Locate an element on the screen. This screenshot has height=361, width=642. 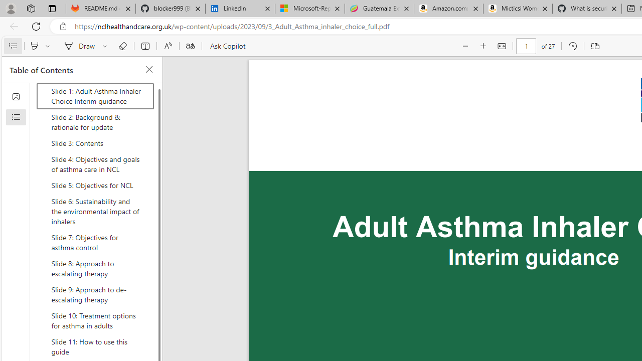
'Rotate (Ctrl+])' is located at coordinates (572, 46).